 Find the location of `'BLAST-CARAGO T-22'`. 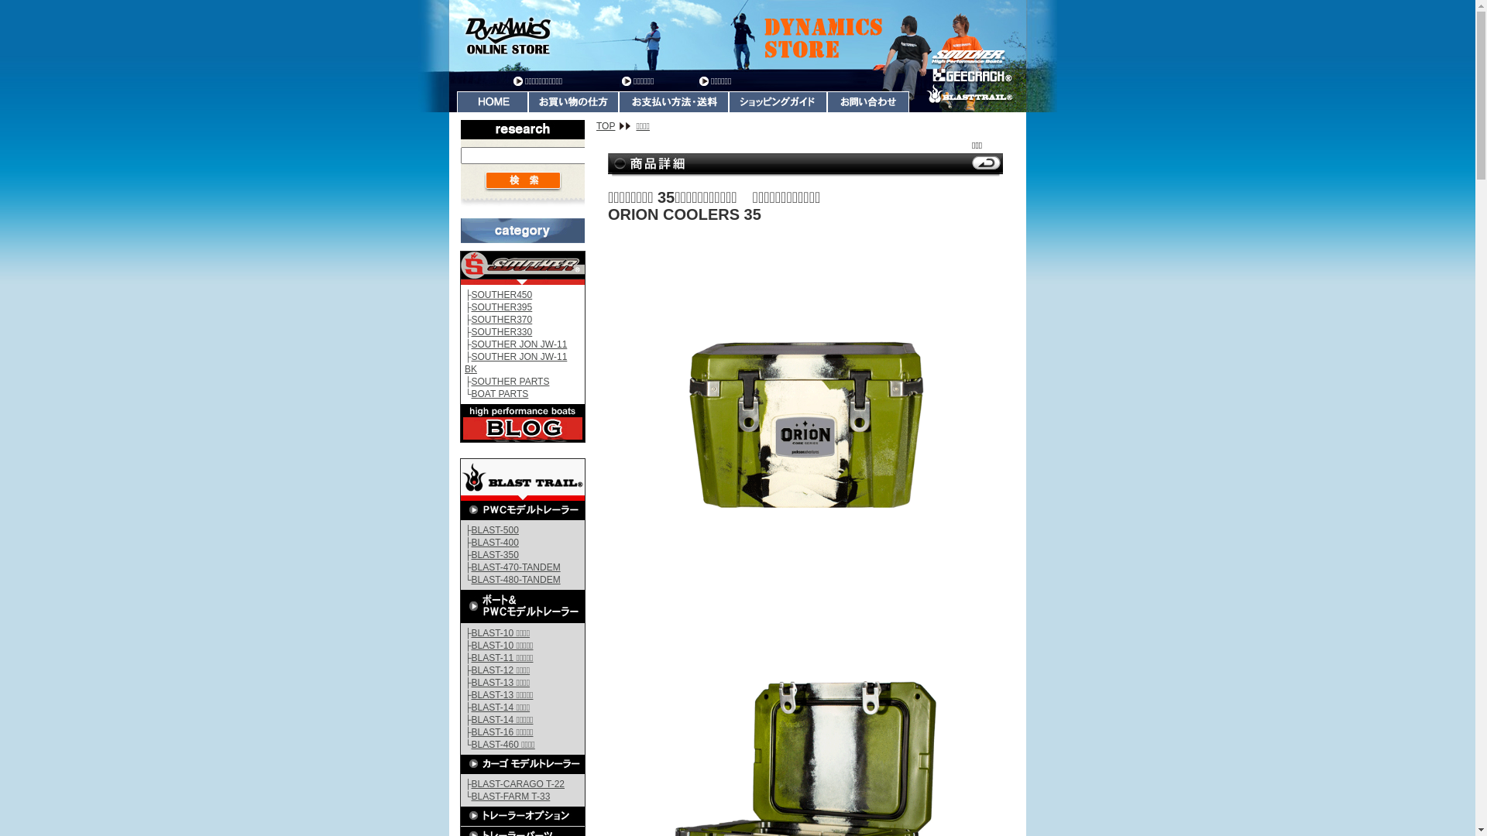

'BLAST-CARAGO T-22' is located at coordinates (518, 784).